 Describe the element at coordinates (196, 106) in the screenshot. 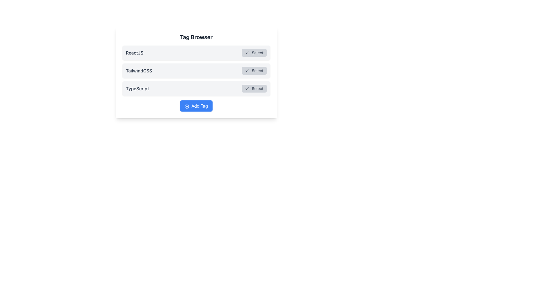

I see `the blue 'Add Tag' button located at the bottom of the 'Tag Browser' box` at that location.